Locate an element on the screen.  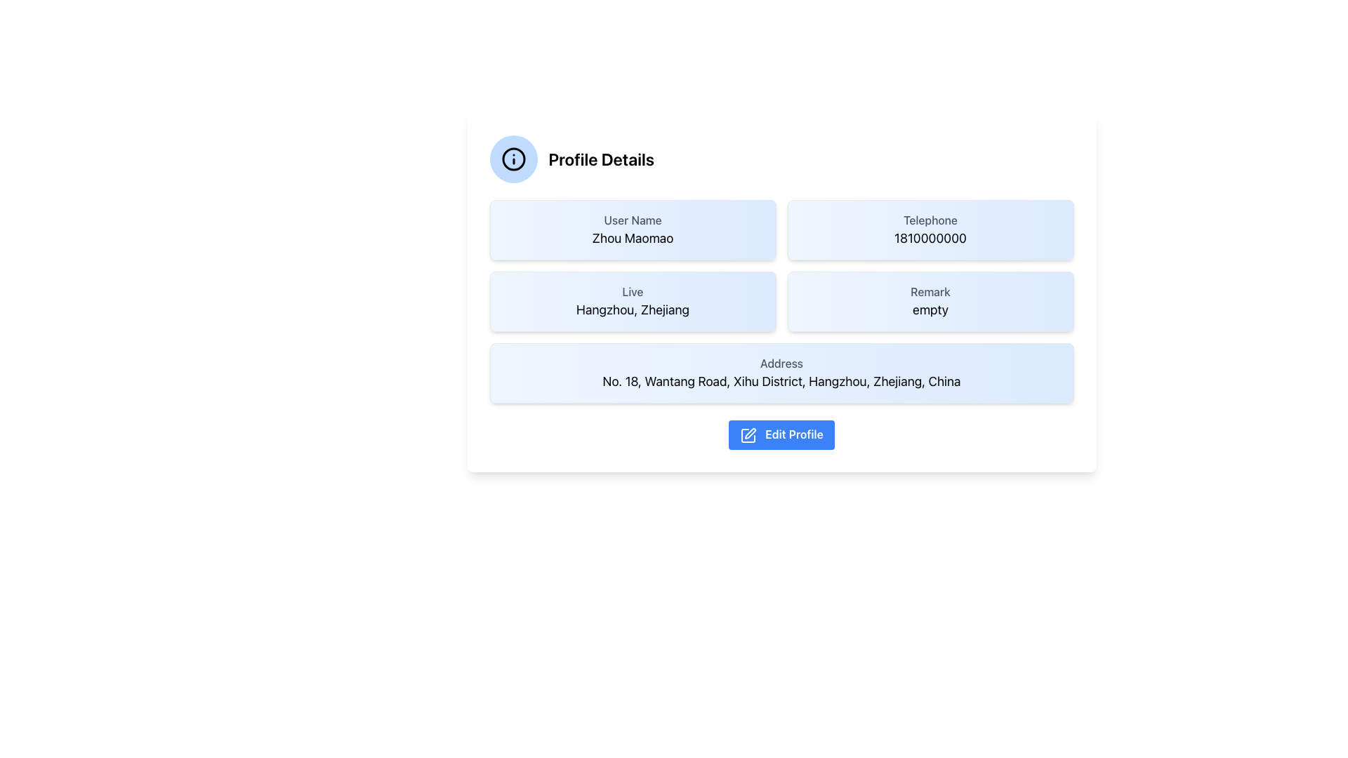
the informational display block containing the text 'Remark' and 'empty' with a gradient background is located at coordinates (930, 300).